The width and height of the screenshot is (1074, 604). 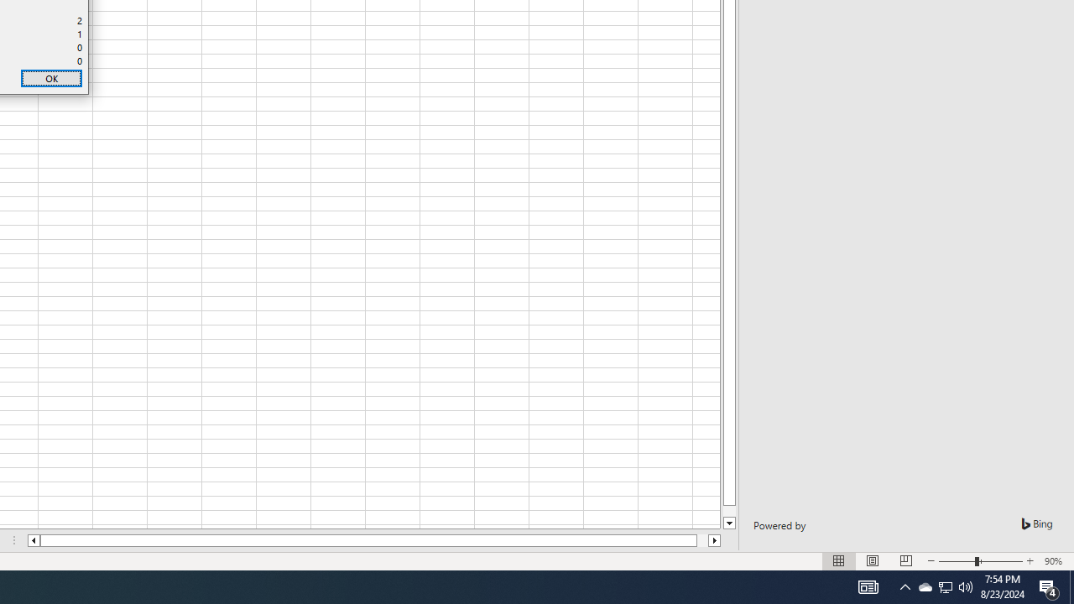 I want to click on 'Column left', so click(x=33, y=540).